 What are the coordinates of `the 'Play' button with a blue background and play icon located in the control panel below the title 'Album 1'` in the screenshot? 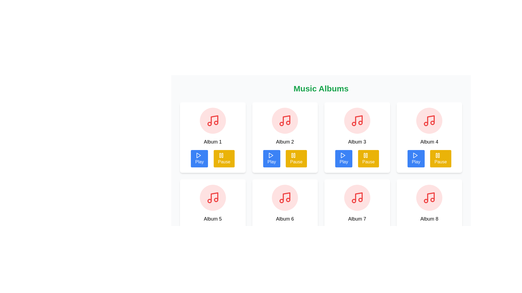 It's located at (212, 159).